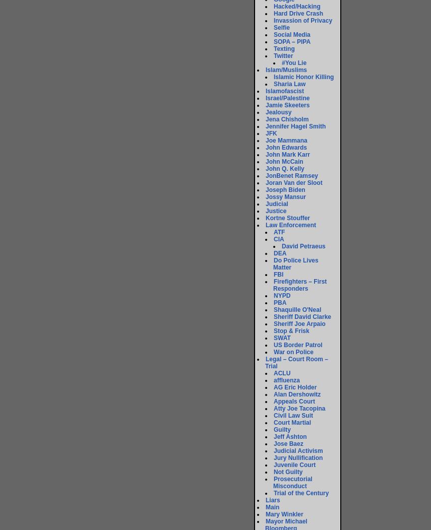 The image size is (431, 530). What do you see at coordinates (287, 105) in the screenshot?
I see `'Jamie Skeeters'` at bounding box center [287, 105].